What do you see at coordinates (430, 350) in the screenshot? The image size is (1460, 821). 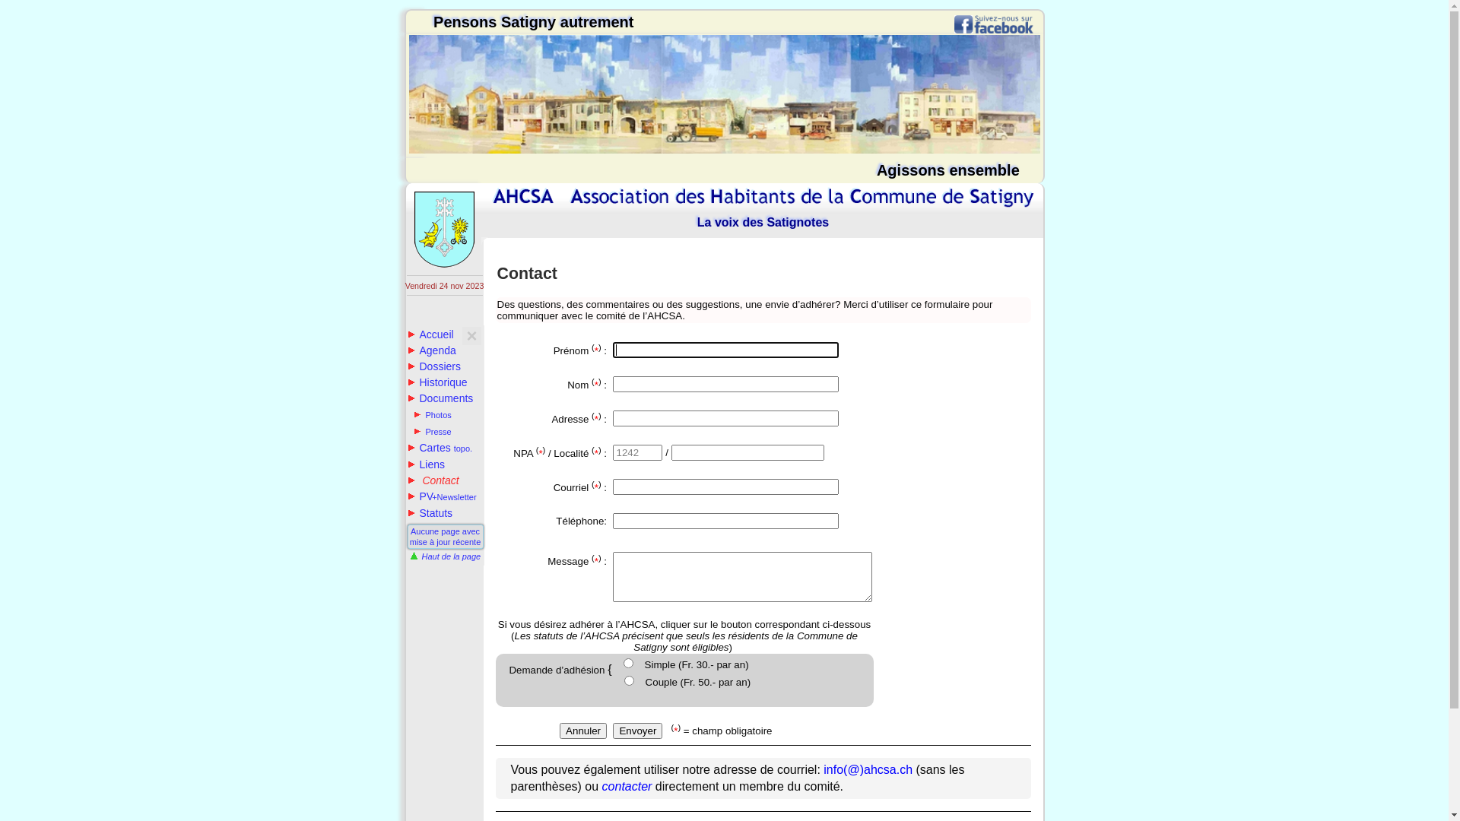 I see `'Agenda'` at bounding box center [430, 350].